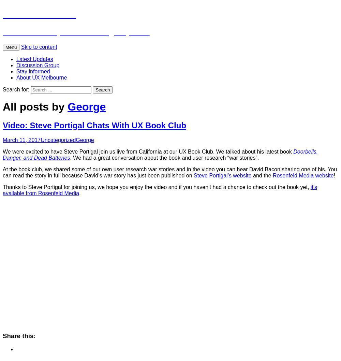 Image resolution: width=341 pixels, height=361 pixels. Describe the element at coordinates (19, 335) in the screenshot. I see `'Share this:'` at that location.